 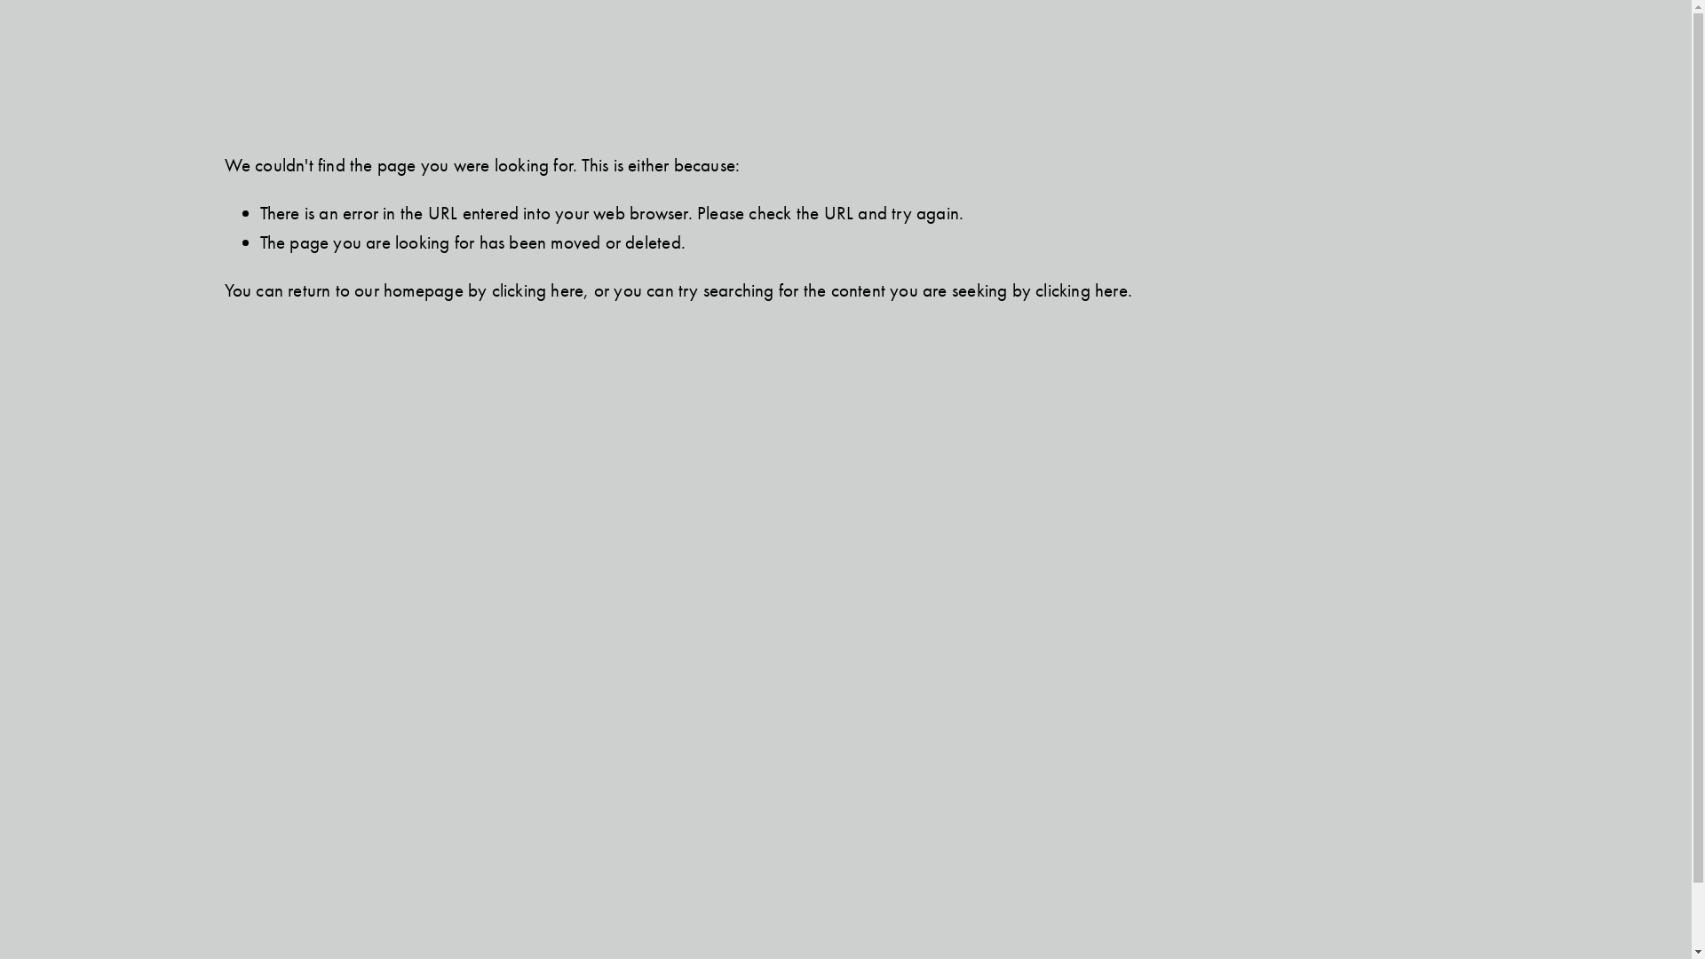 I want to click on 'clicking here', so click(x=536, y=289).